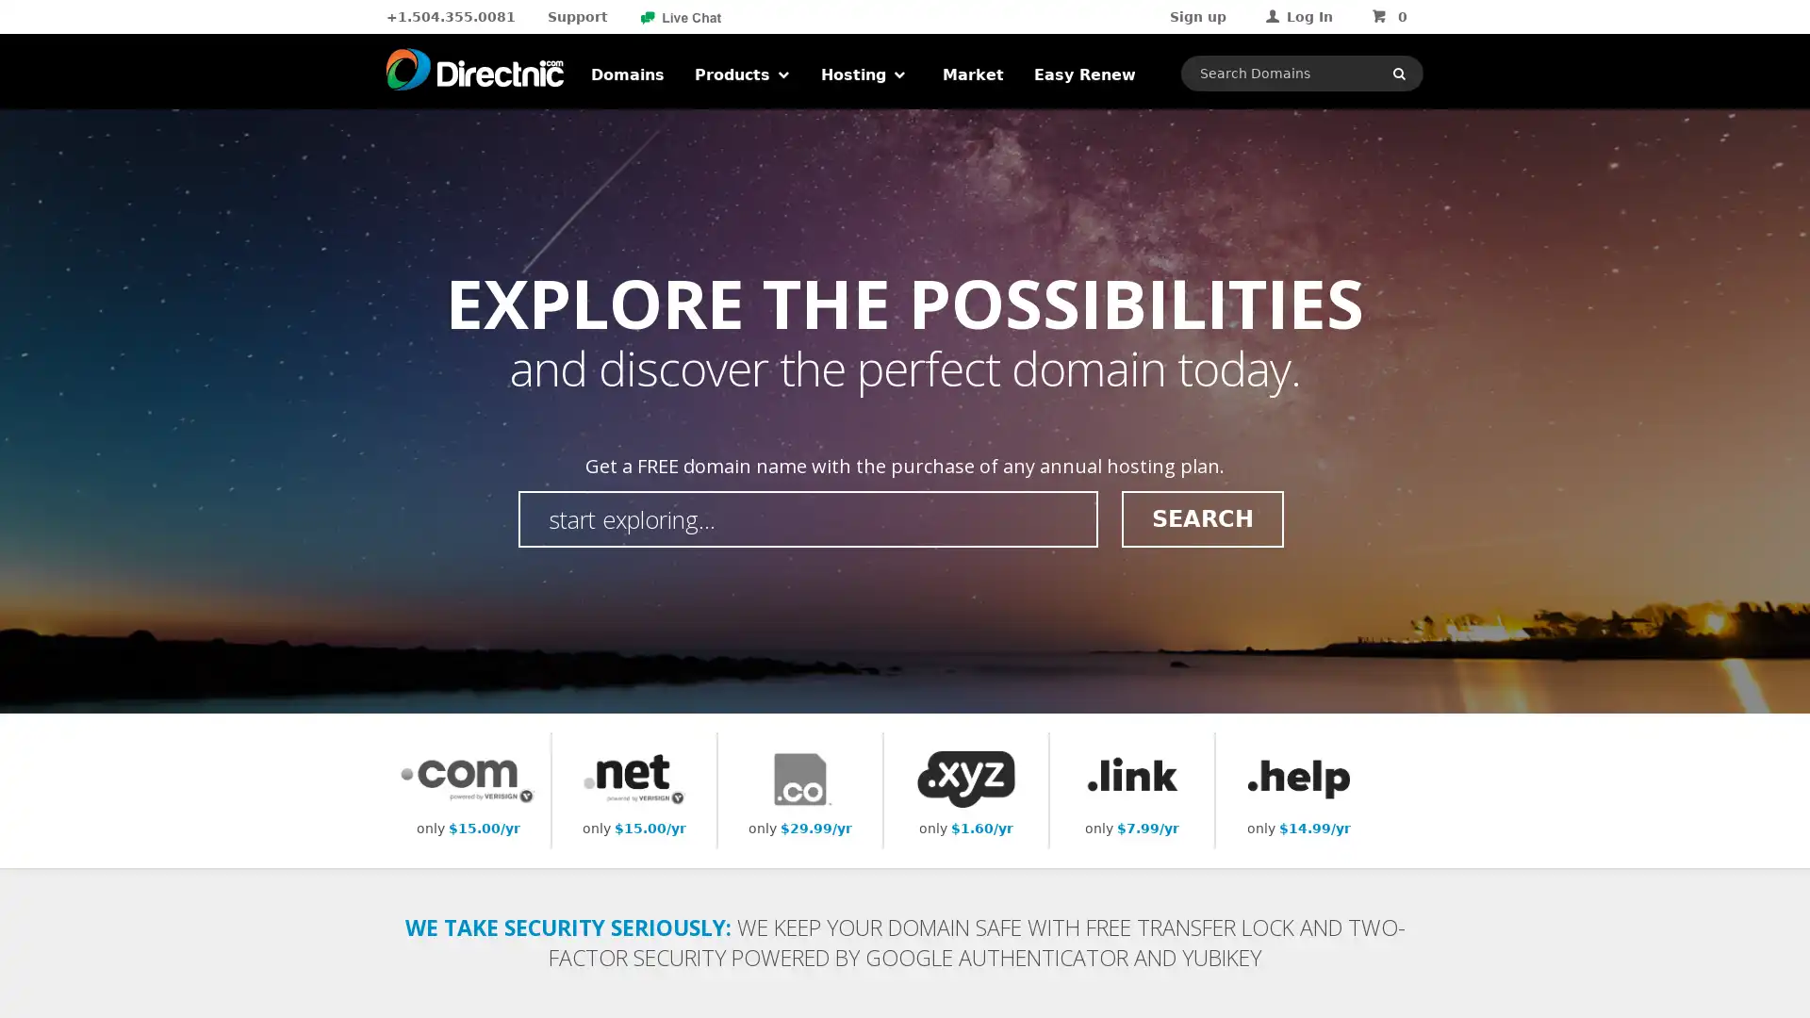  I want to click on SEARCH, so click(1201, 518).